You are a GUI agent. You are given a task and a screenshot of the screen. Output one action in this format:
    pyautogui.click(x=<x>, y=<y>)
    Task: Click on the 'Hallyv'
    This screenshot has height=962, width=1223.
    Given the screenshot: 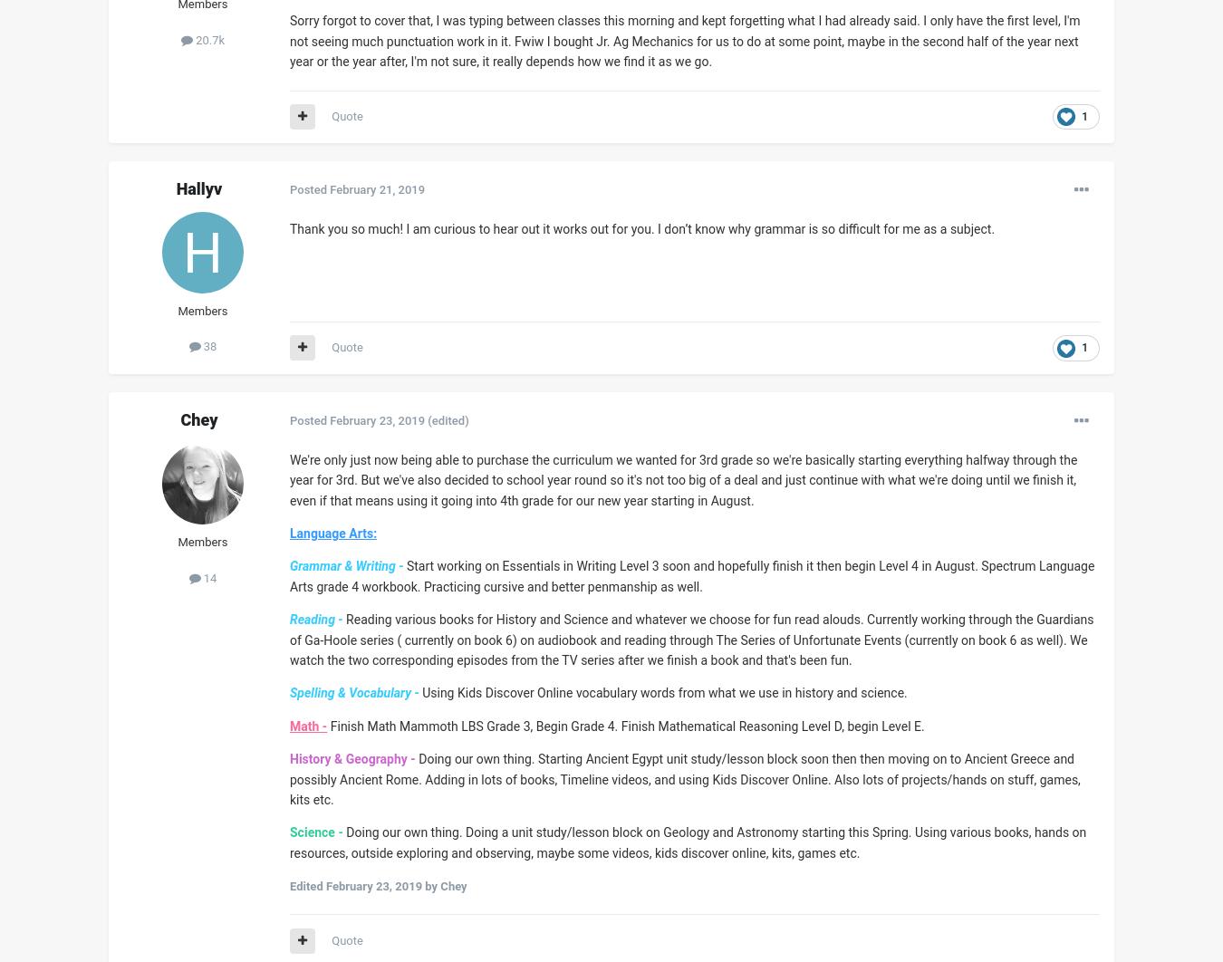 What is the action you would take?
    pyautogui.click(x=175, y=188)
    